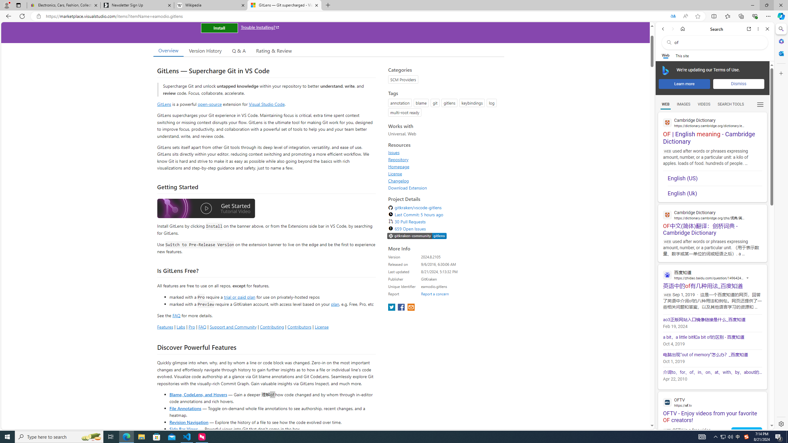  Describe the element at coordinates (399, 180) in the screenshot. I see `'Changelog'` at that location.